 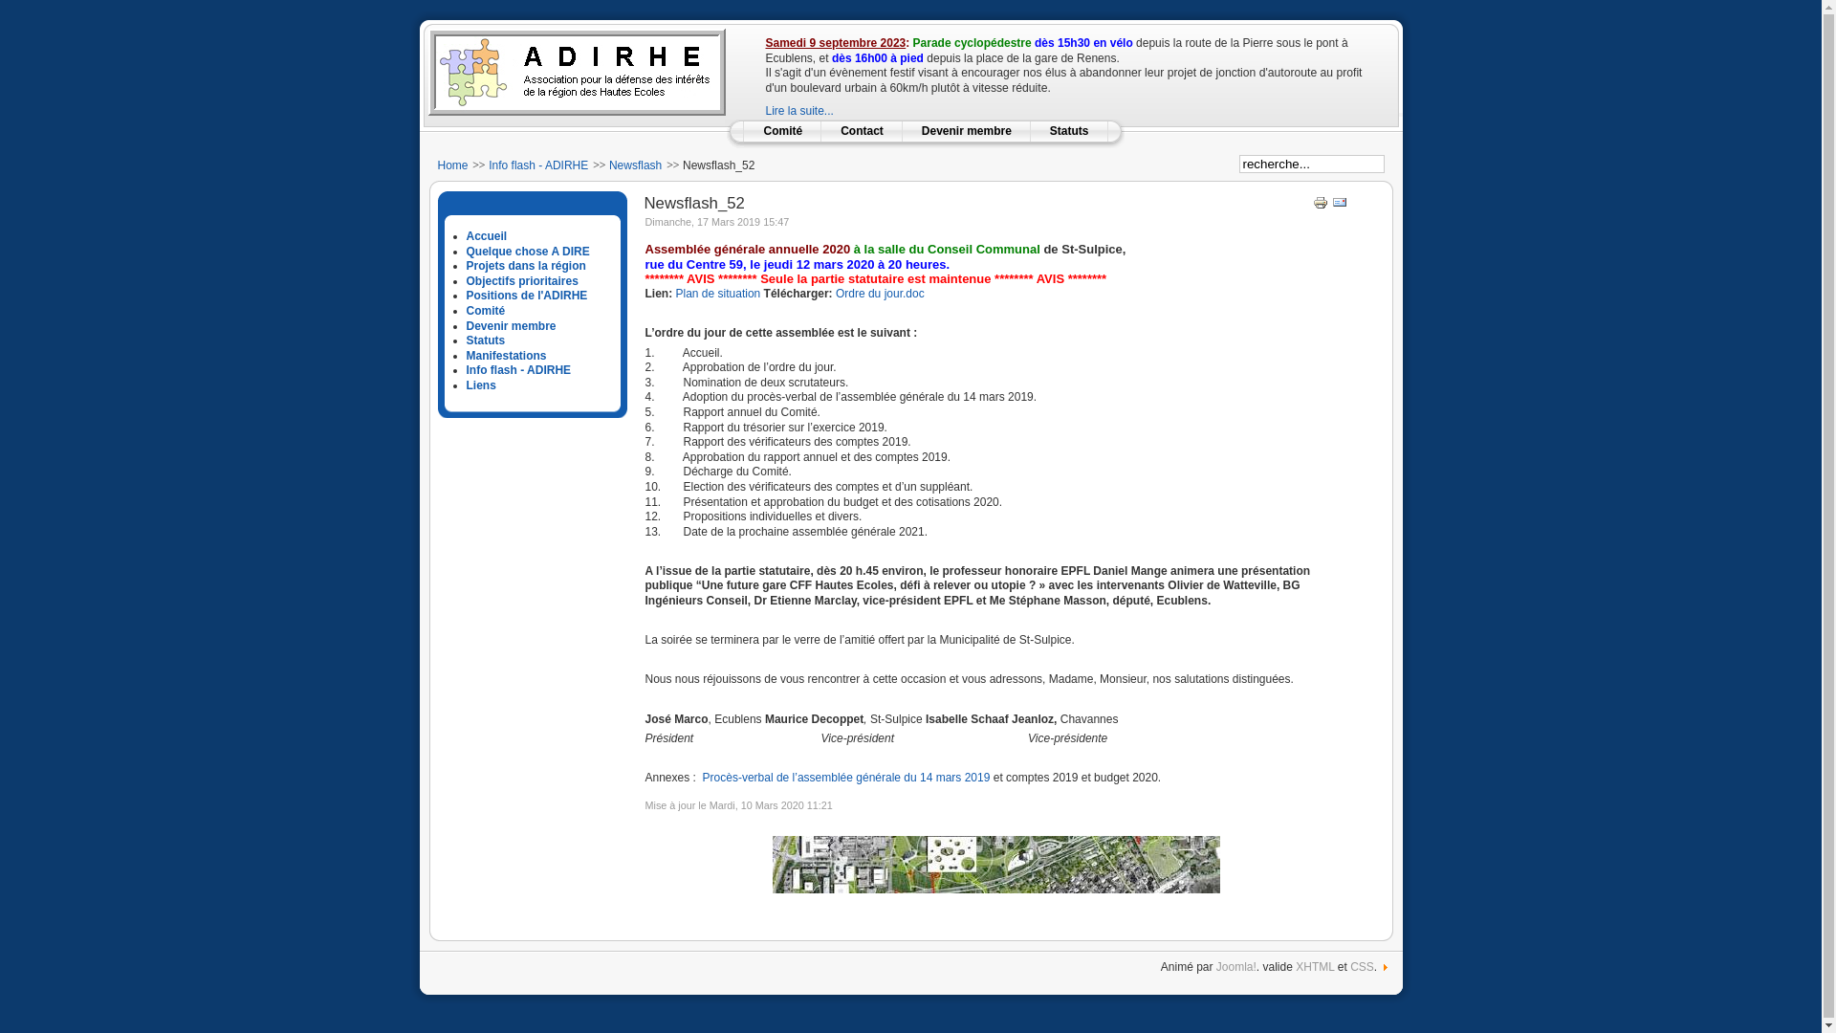 I want to click on 'Liens', so click(x=481, y=385).